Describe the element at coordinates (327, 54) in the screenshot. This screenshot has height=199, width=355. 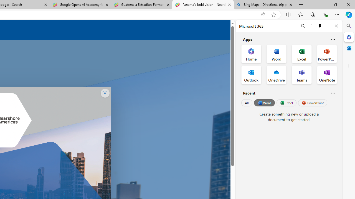
I see `'PowerPoint Office App'` at that location.